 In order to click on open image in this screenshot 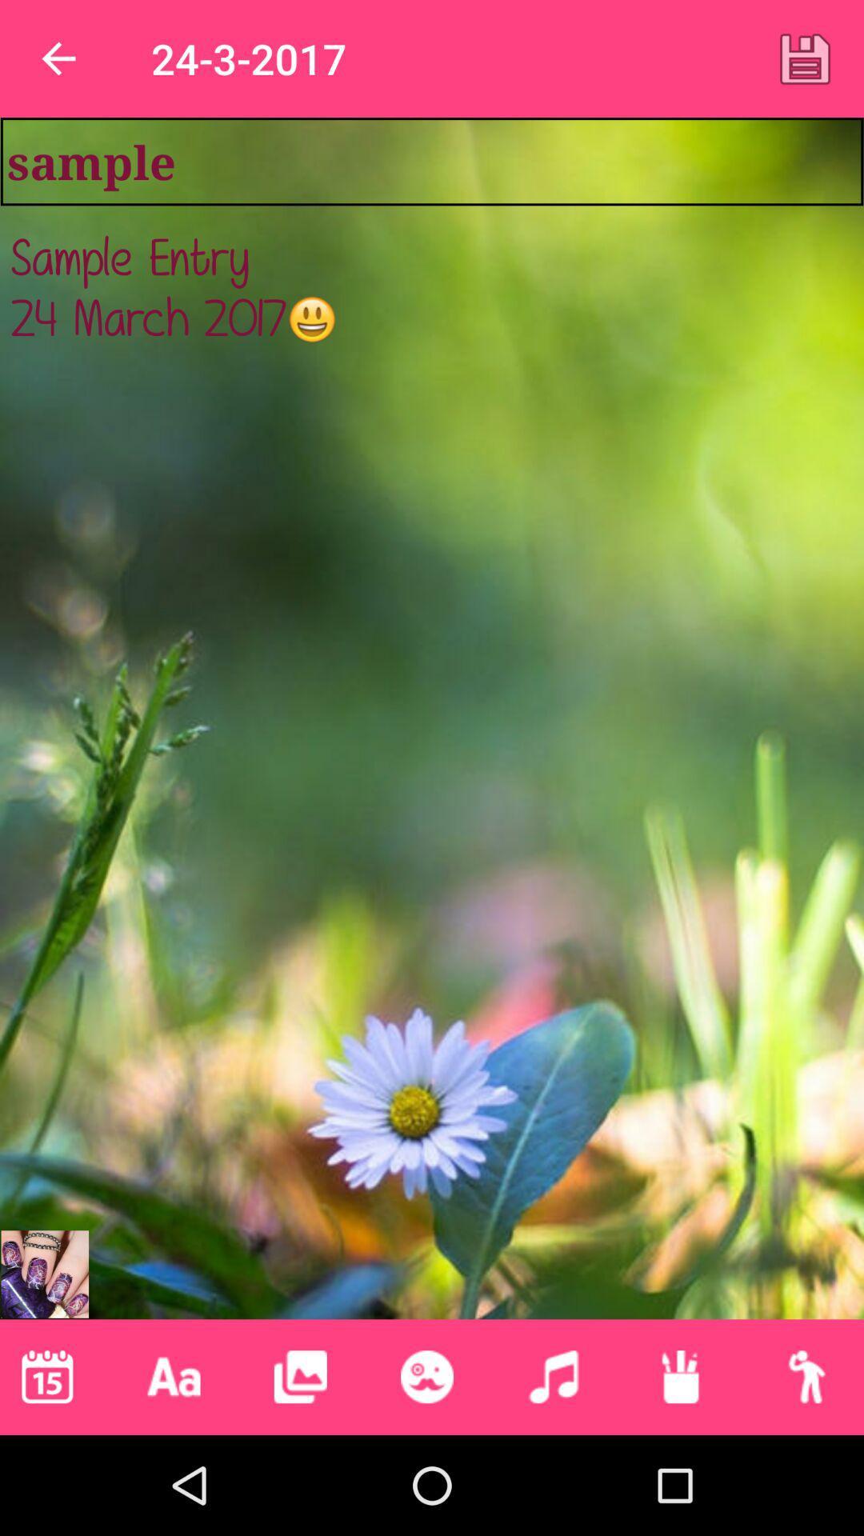, I will do `click(44, 1274)`.